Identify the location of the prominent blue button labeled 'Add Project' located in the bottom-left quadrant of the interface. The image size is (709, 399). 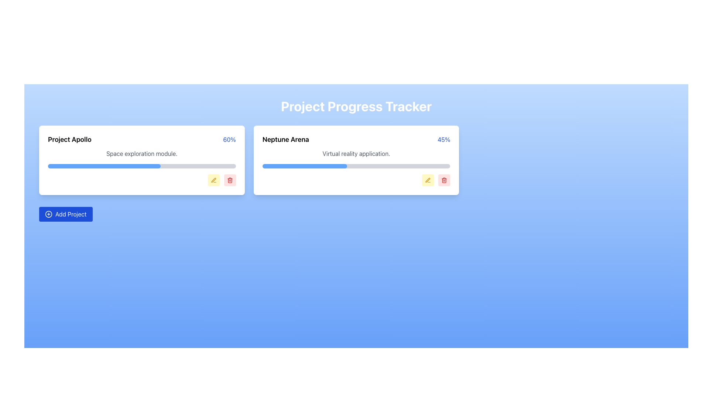
(66, 214).